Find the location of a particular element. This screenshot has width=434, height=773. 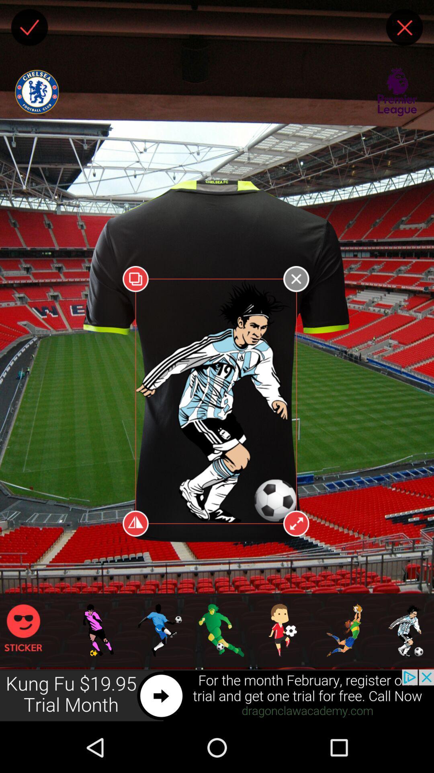

the font icon is located at coordinates (220, 686).